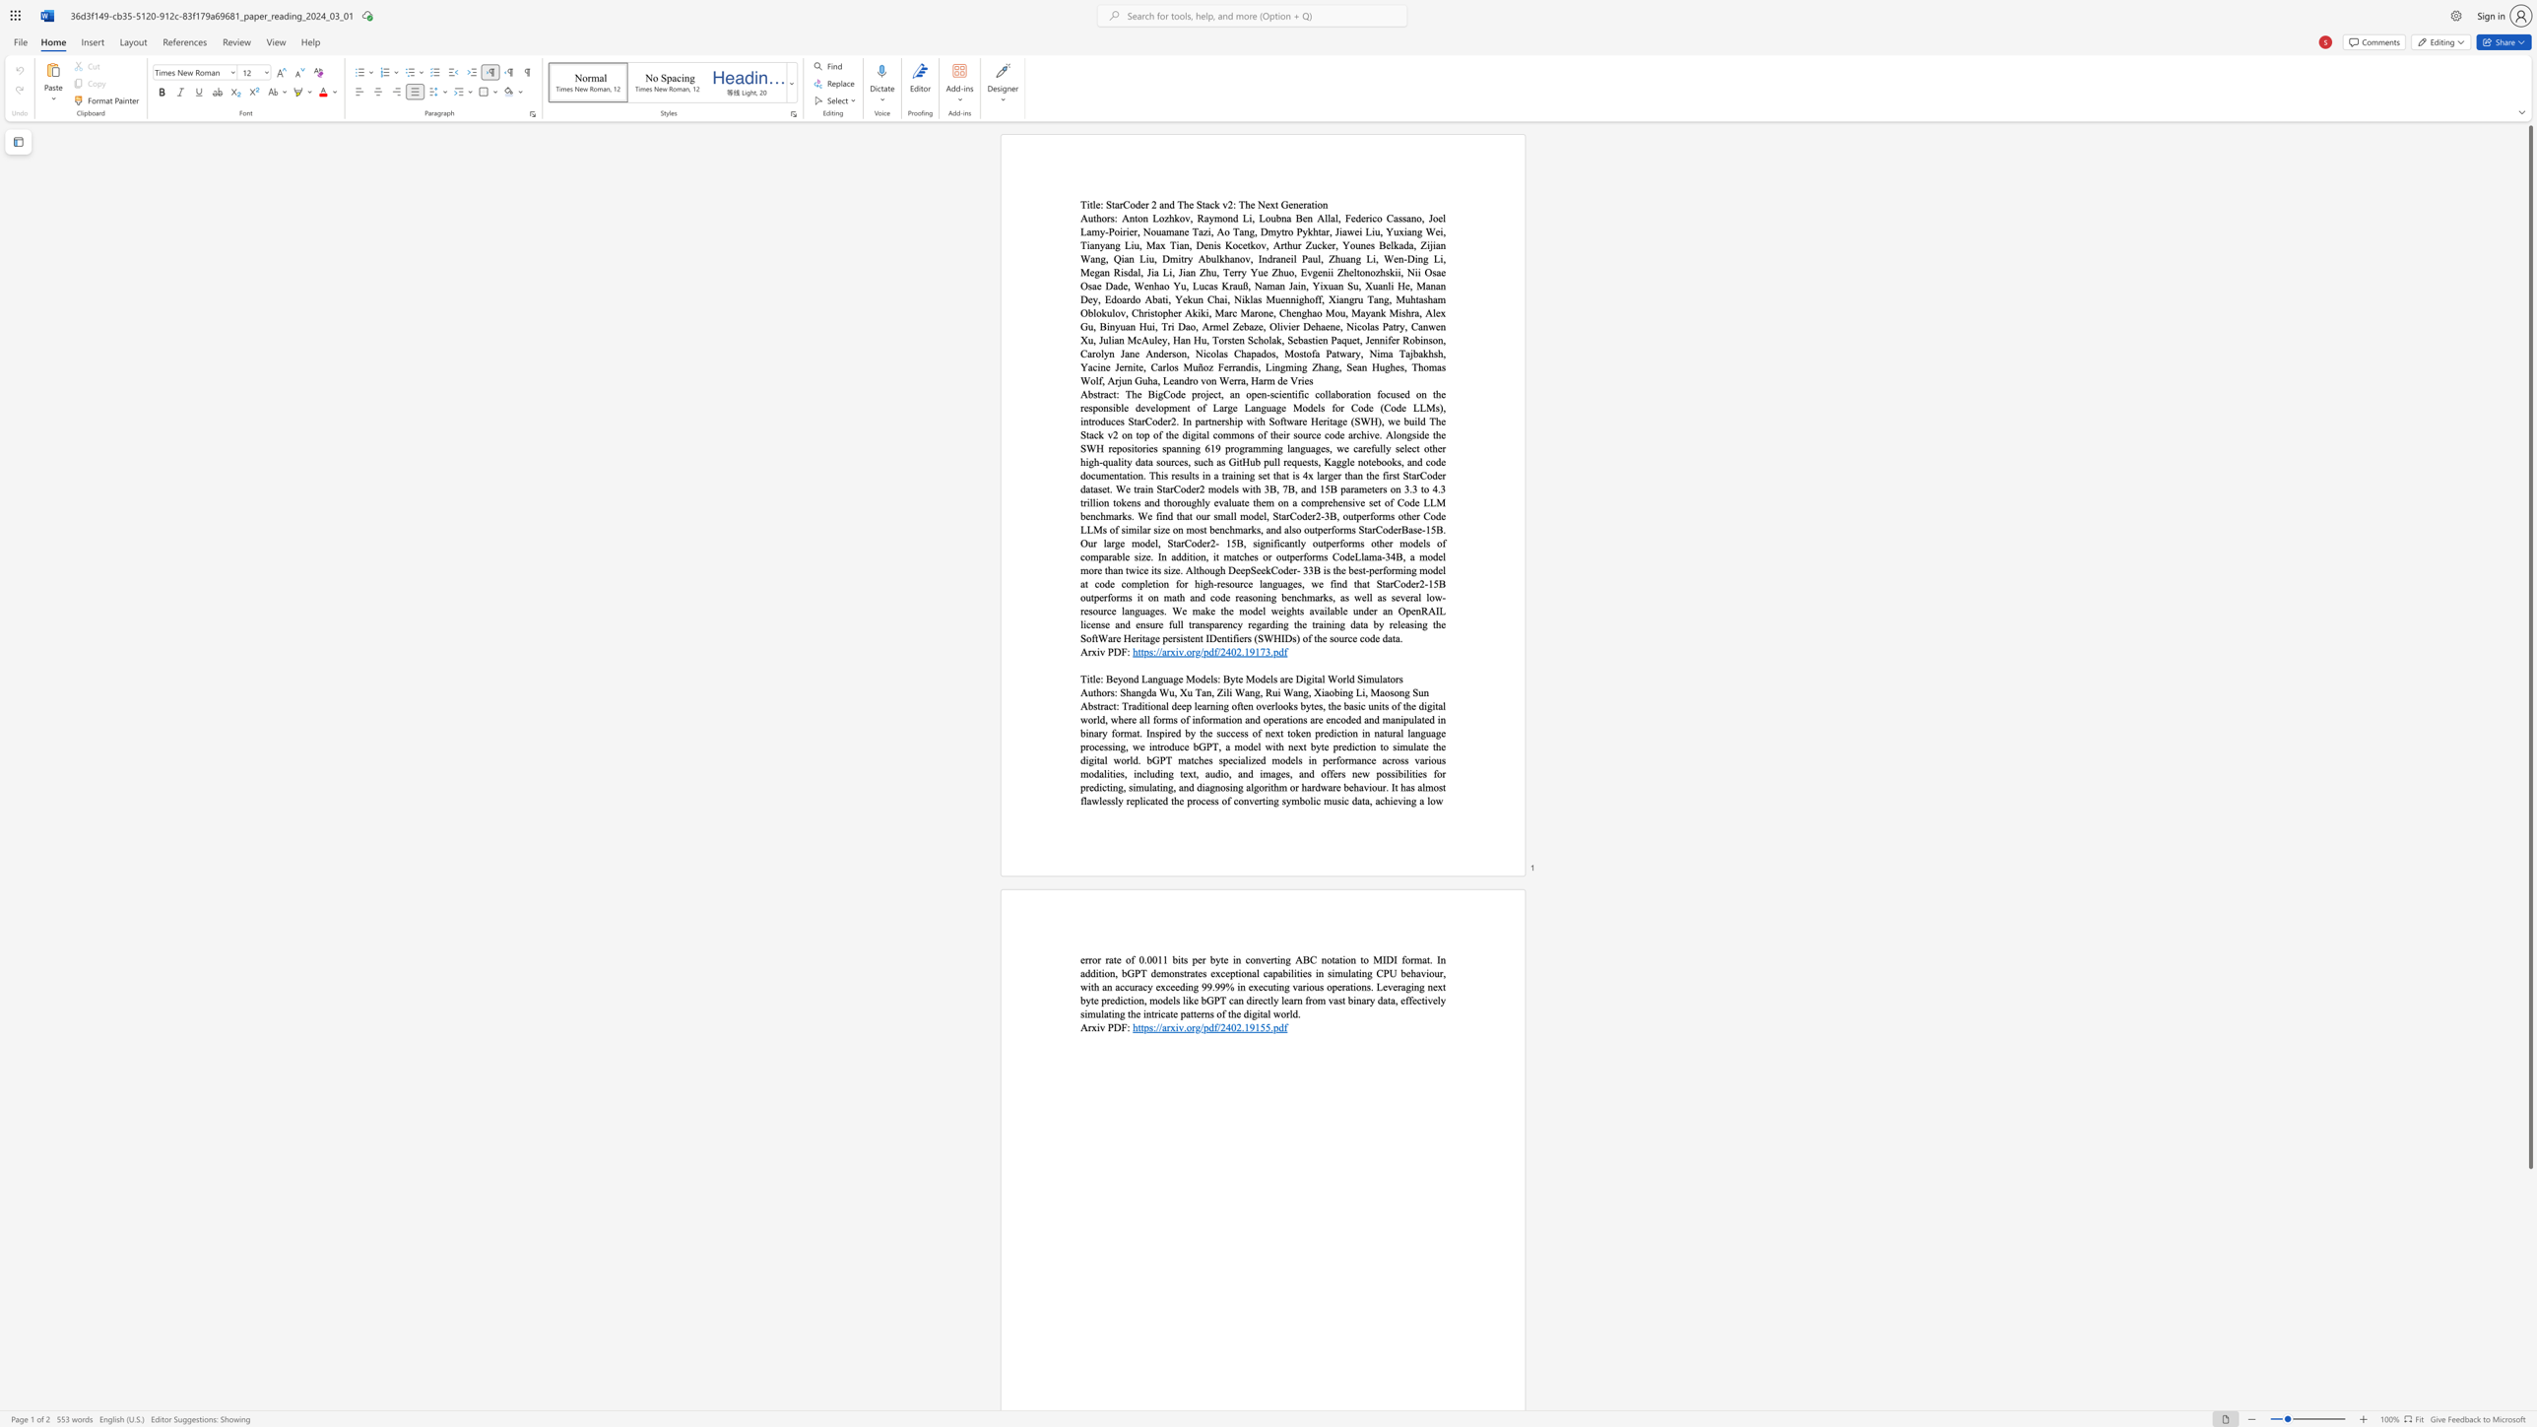 The width and height of the screenshot is (2537, 1427). What do you see at coordinates (1183, 786) in the screenshot?
I see `the subset text "nd diagnosing algor" within the text "Traditional deep learning often overlooks bytes, the basic units of the digital world, where all forms of information and operations are encoded and manipulated in binary format. Inspired by the success of next token prediction in natural language processing, we introduce bGPT, a model with next byte prediction to simulate the digital world. bGPT matches specialized models in performance across various modalities, including text, audio, and images, and offers new possibilities for predicting, simulating, and diagnosing algorithm or hardware behaviour. It has almost flawlessly"` at bounding box center [1183, 786].